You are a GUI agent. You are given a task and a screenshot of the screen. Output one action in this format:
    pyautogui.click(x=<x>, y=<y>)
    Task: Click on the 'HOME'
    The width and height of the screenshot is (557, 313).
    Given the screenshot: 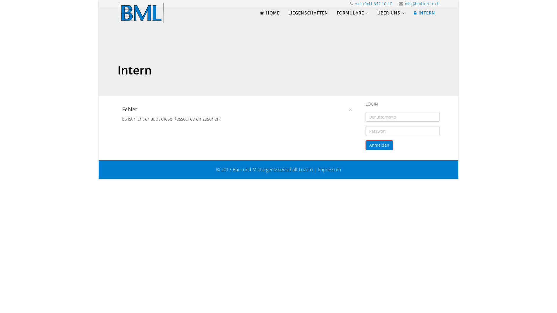 What is the action you would take?
    pyautogui.click(x=270, y=13)
    